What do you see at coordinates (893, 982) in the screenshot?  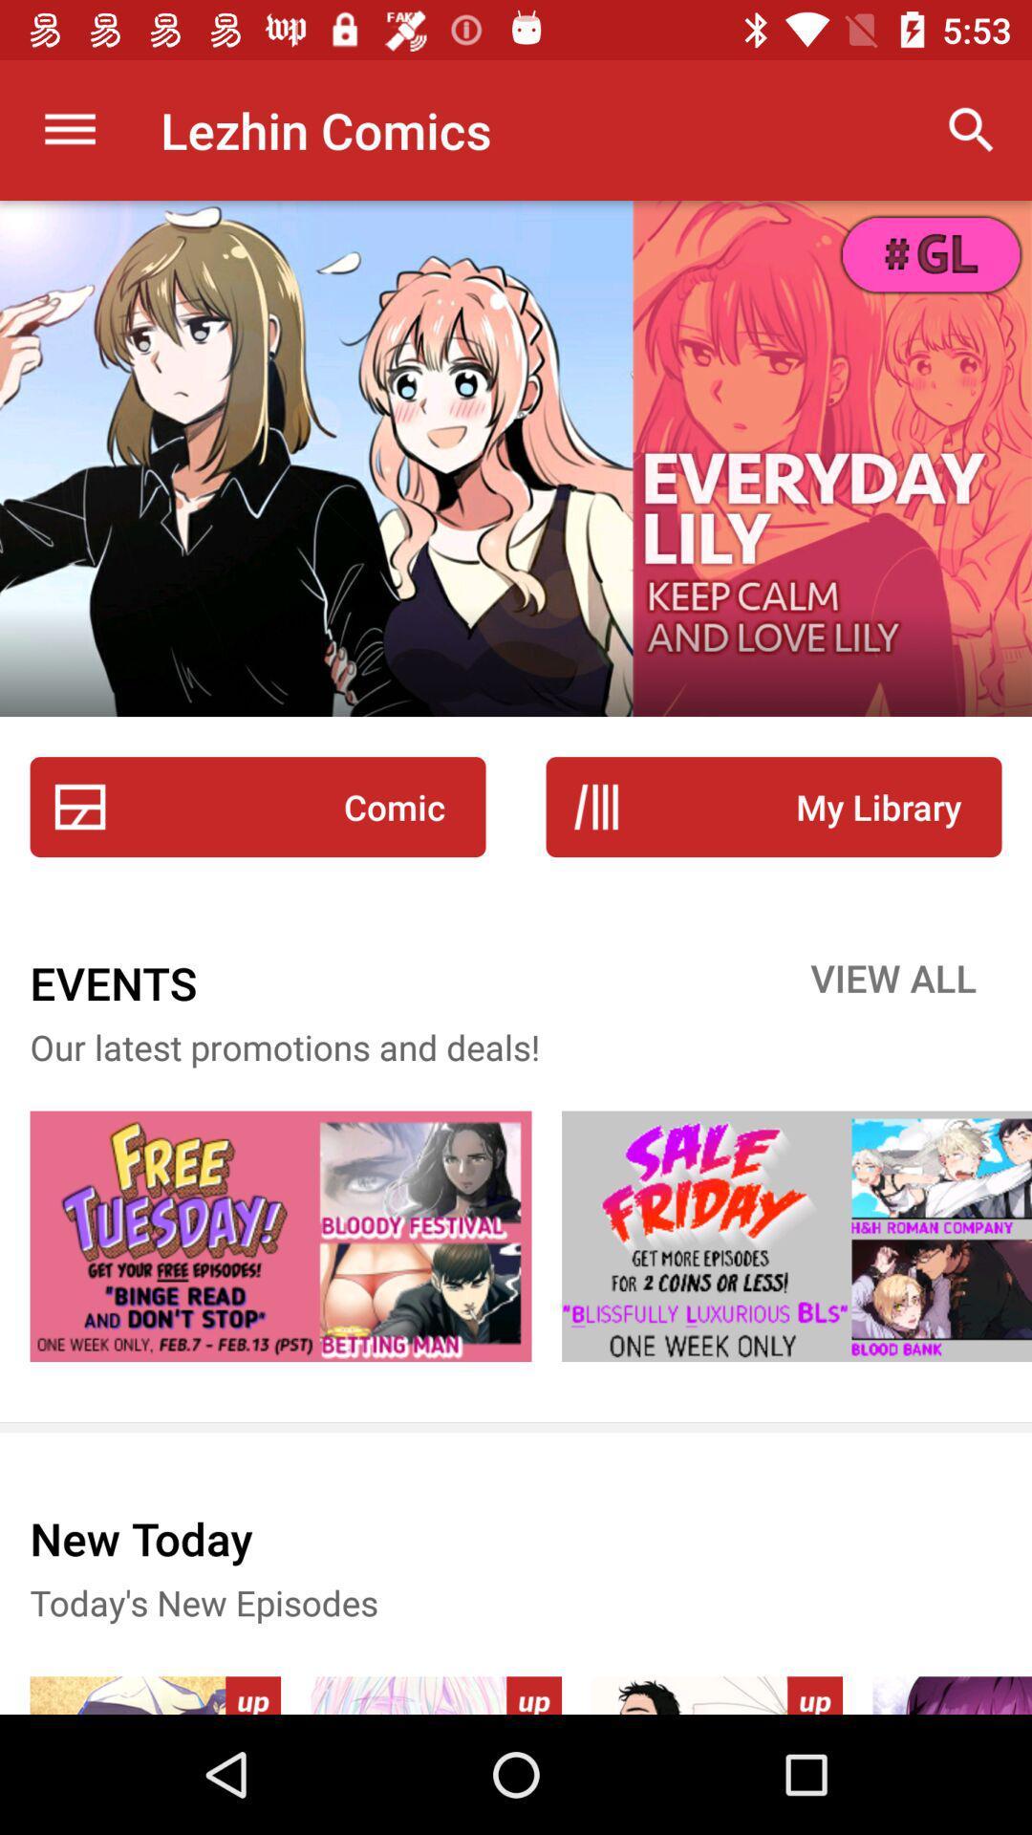 I see `item next to events` at bounding box center [893, 982].